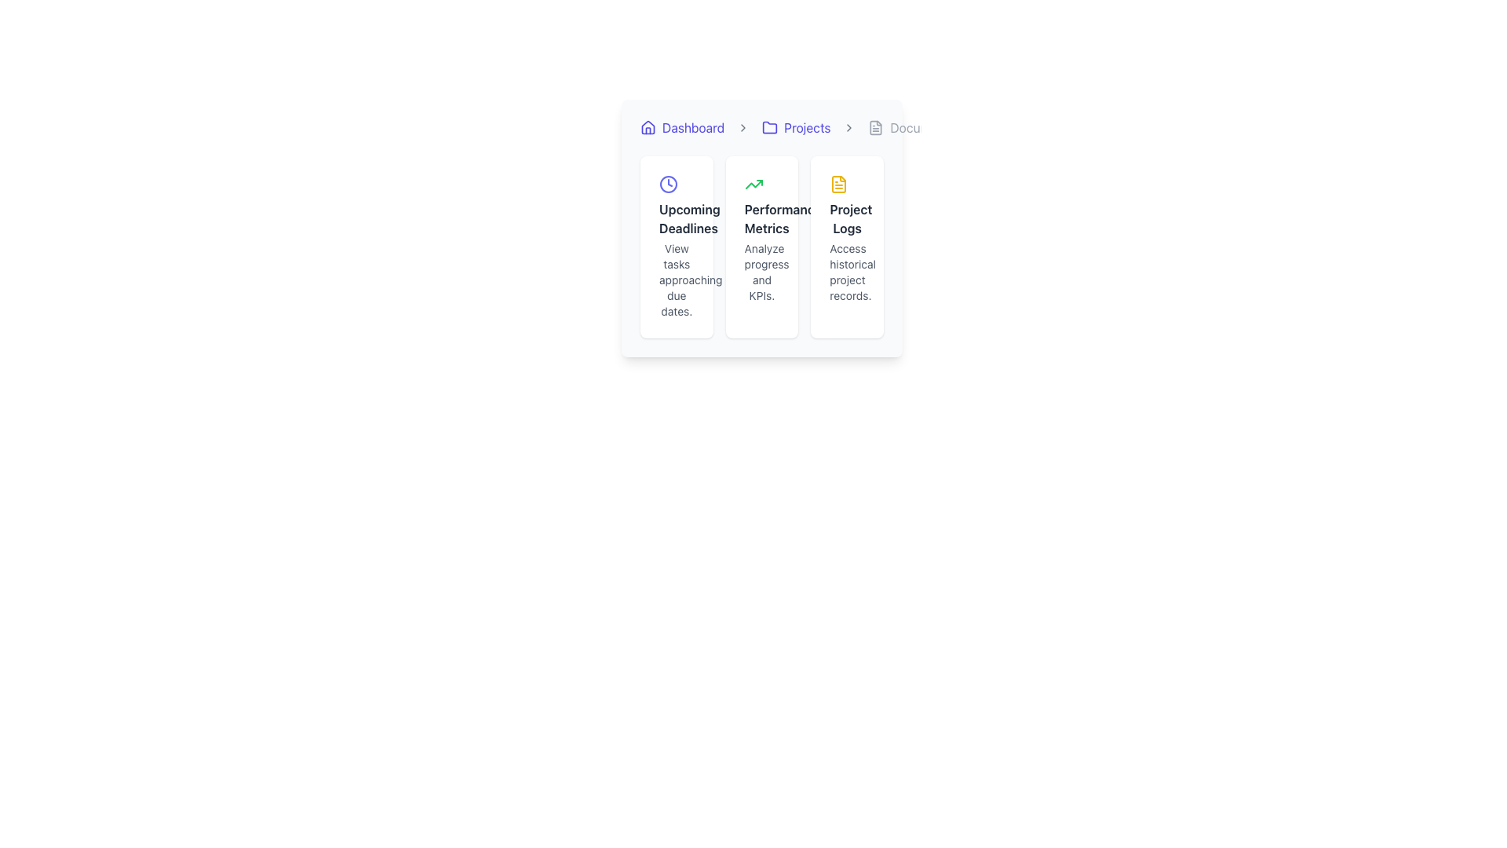 The height and width of the screenshot is (848, 1507). I want to click on text label displaying 'Performance Metrics' which is bold and gray, located in the second card of a horizontally aligned group of three cards, so click(761, 218).